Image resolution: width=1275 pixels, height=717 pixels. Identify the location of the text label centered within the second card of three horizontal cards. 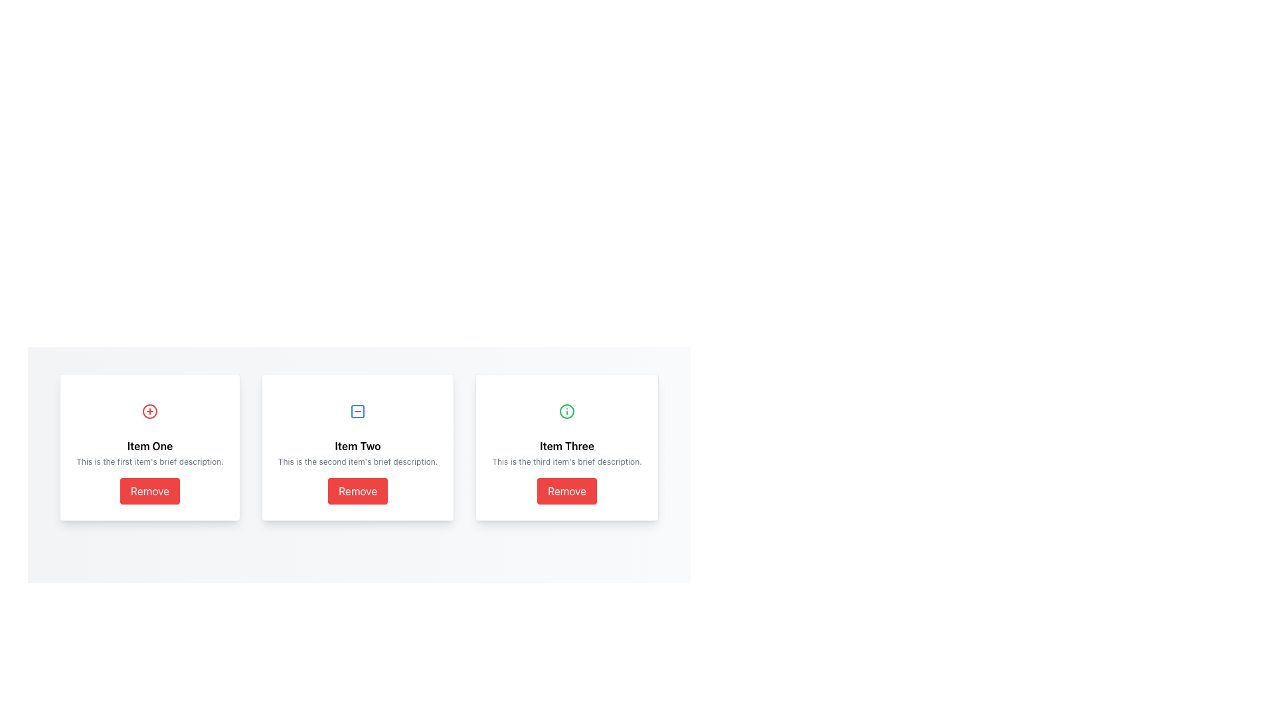
(358, 445).